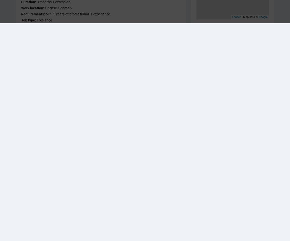  I want to click on 'Som selvstændig eller freelancer sætter du selv prisen på dit eget arbejde. IDA giver gode råd til, hvordan du beregner honoraret for en opgave.', so click(101, 139).